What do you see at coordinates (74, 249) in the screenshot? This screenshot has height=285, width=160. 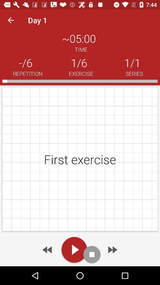 I see `to play video` at bounding box center [74, 249].